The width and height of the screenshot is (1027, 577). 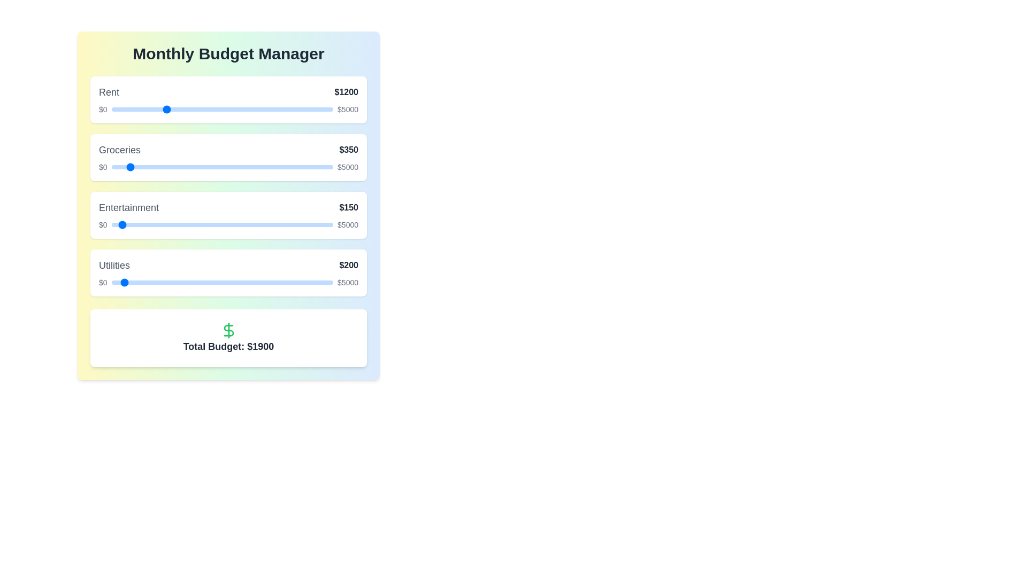 I want to click on groceries budget slider, so click(x=202, y=167).